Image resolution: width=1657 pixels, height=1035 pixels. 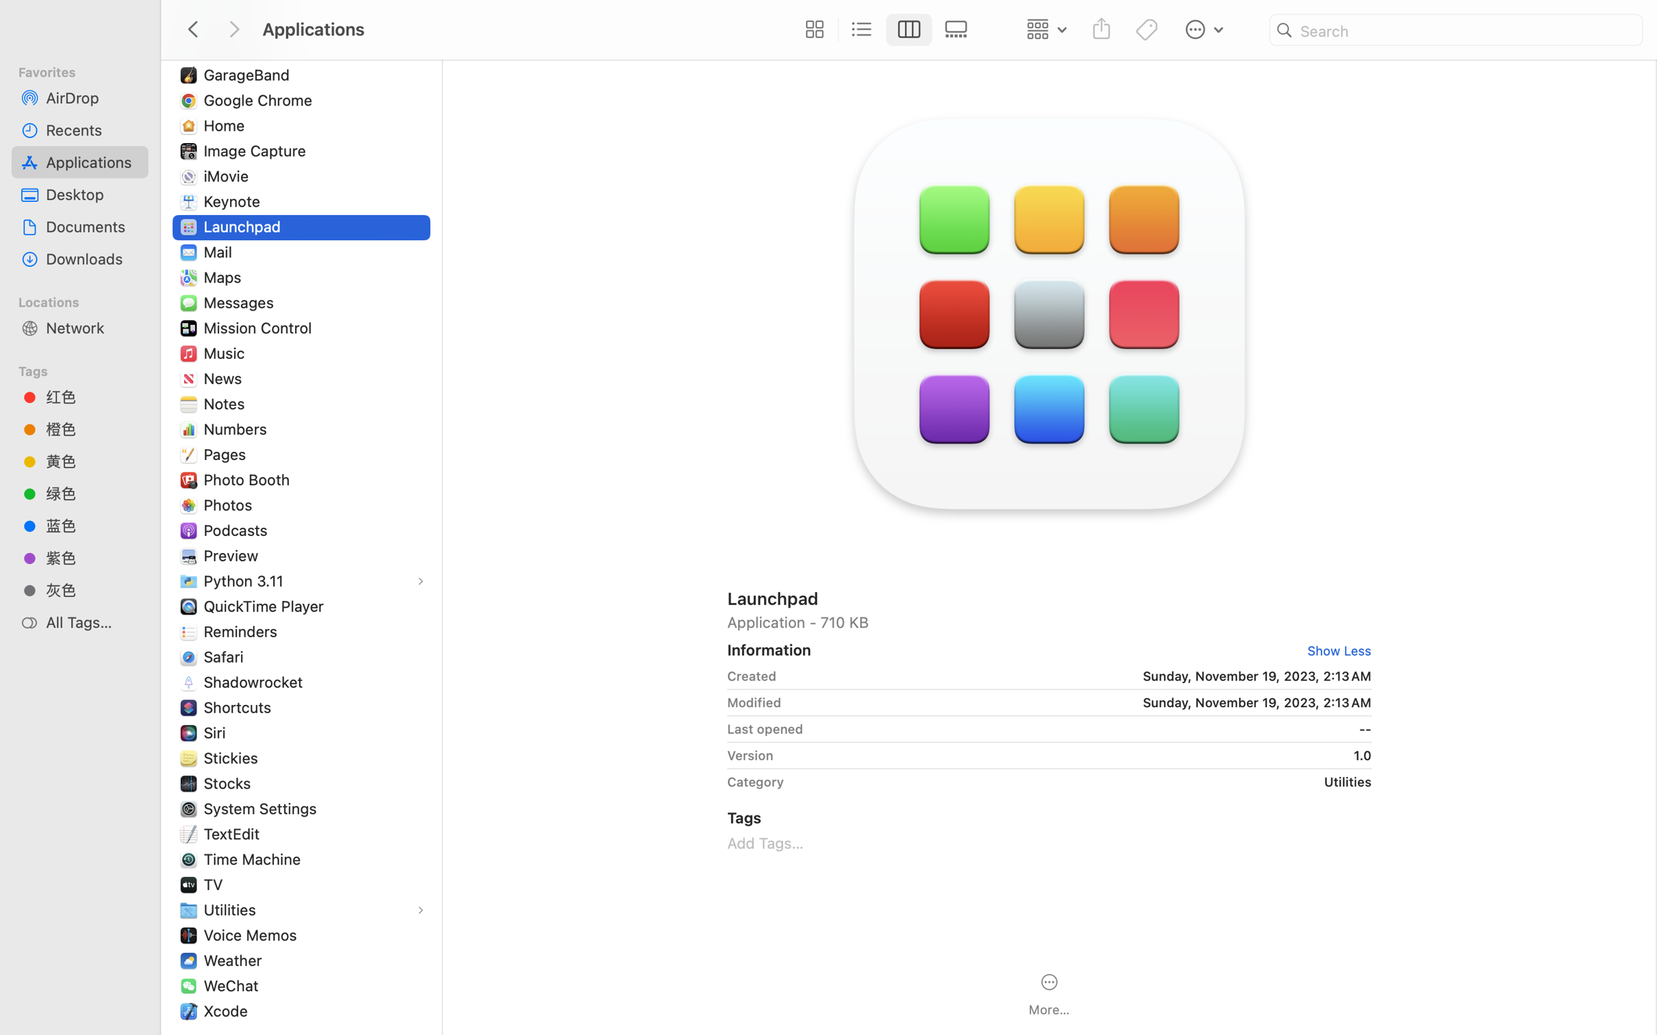 What do you see at coordinates (266, 606) in the screenshot?
I see `'QuickTime Player'` at bounding box center [266, 606].